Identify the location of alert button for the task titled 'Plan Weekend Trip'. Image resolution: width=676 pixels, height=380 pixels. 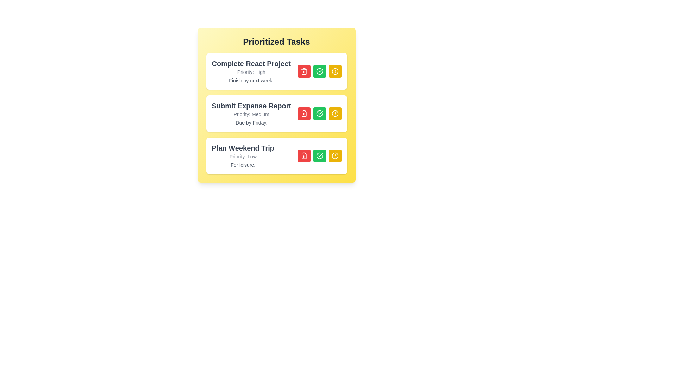
(334, 156).